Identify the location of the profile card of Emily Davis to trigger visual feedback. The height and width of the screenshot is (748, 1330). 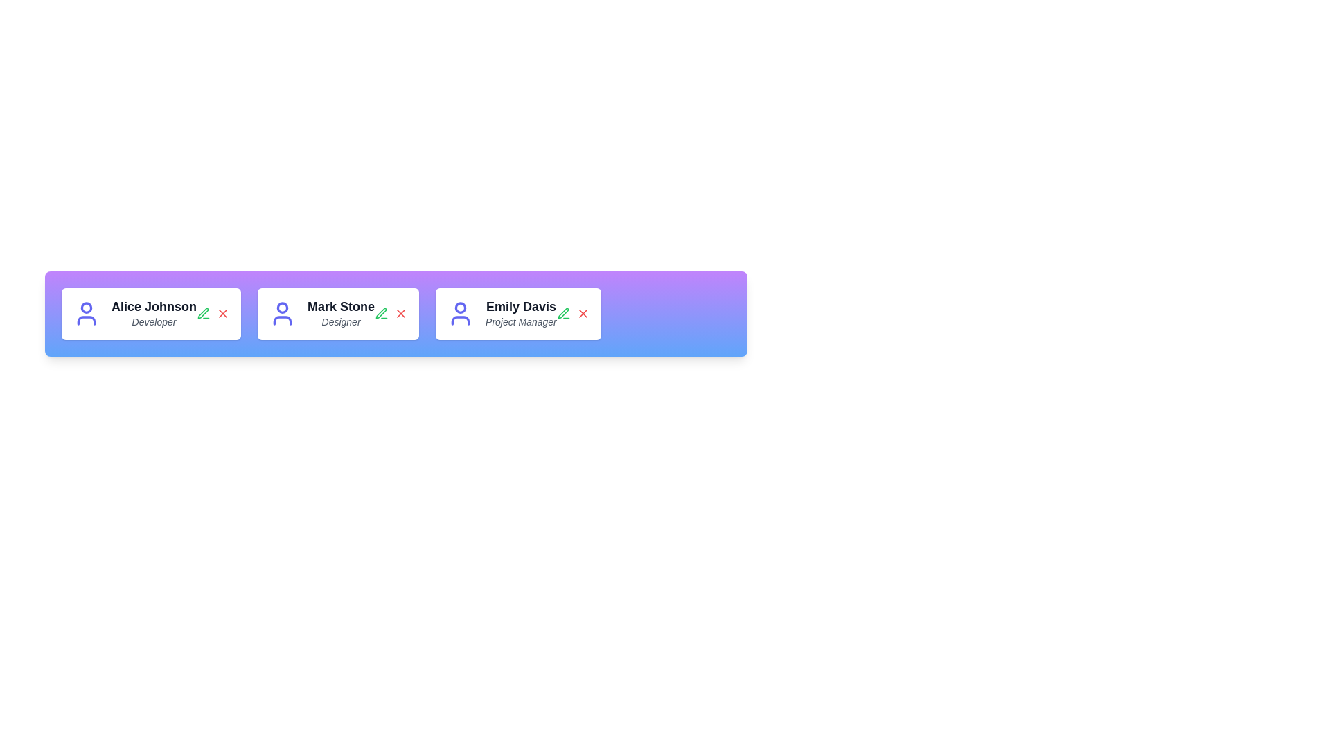
(517, 313).